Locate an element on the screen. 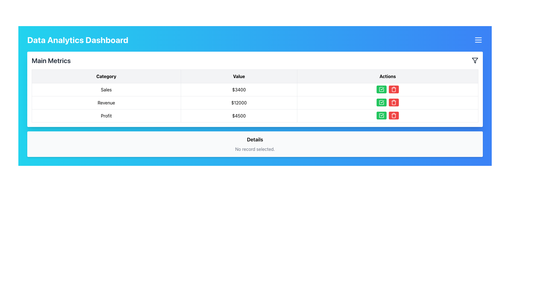 Image resolution: width=534 pixels, height=300 pixels. the bold text element labeled 'Main Metrics', which is styled as a prominent heading in dark gray against a white background, located in the upper-left corner of the main content area is located at coordinates (51, 61).